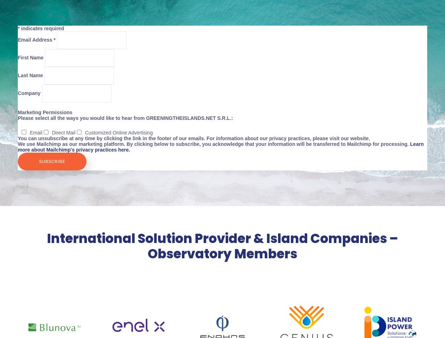 This screenshot has height=338, width=445. What do you see at coordinates (47, 246) in the screenshot?
I see `'International Solution Provider & Island Companies – Observatory Members'` at bounding box center [47, 246].